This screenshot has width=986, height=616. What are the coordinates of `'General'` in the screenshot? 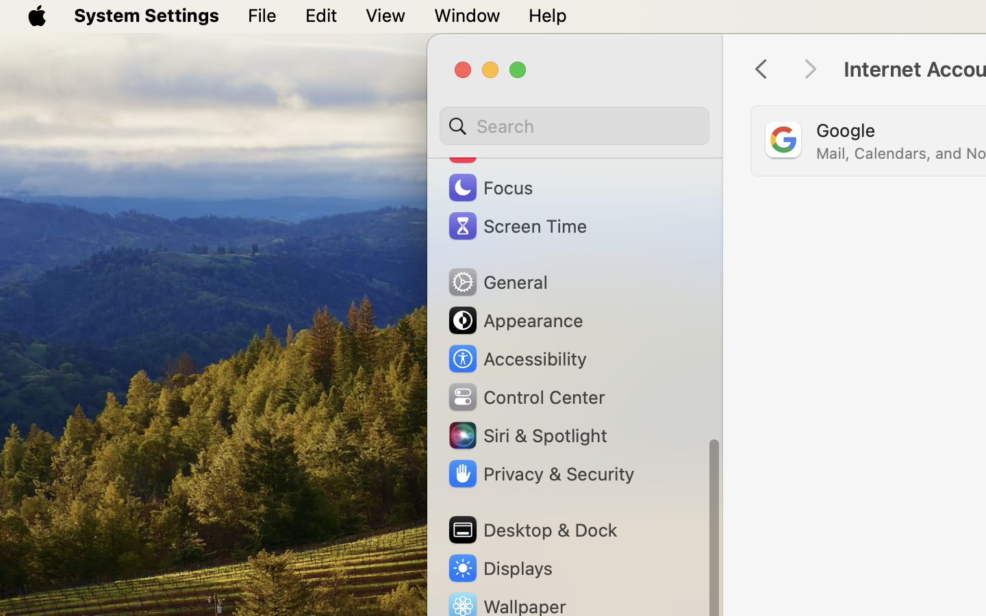 It's located at (496, 282).